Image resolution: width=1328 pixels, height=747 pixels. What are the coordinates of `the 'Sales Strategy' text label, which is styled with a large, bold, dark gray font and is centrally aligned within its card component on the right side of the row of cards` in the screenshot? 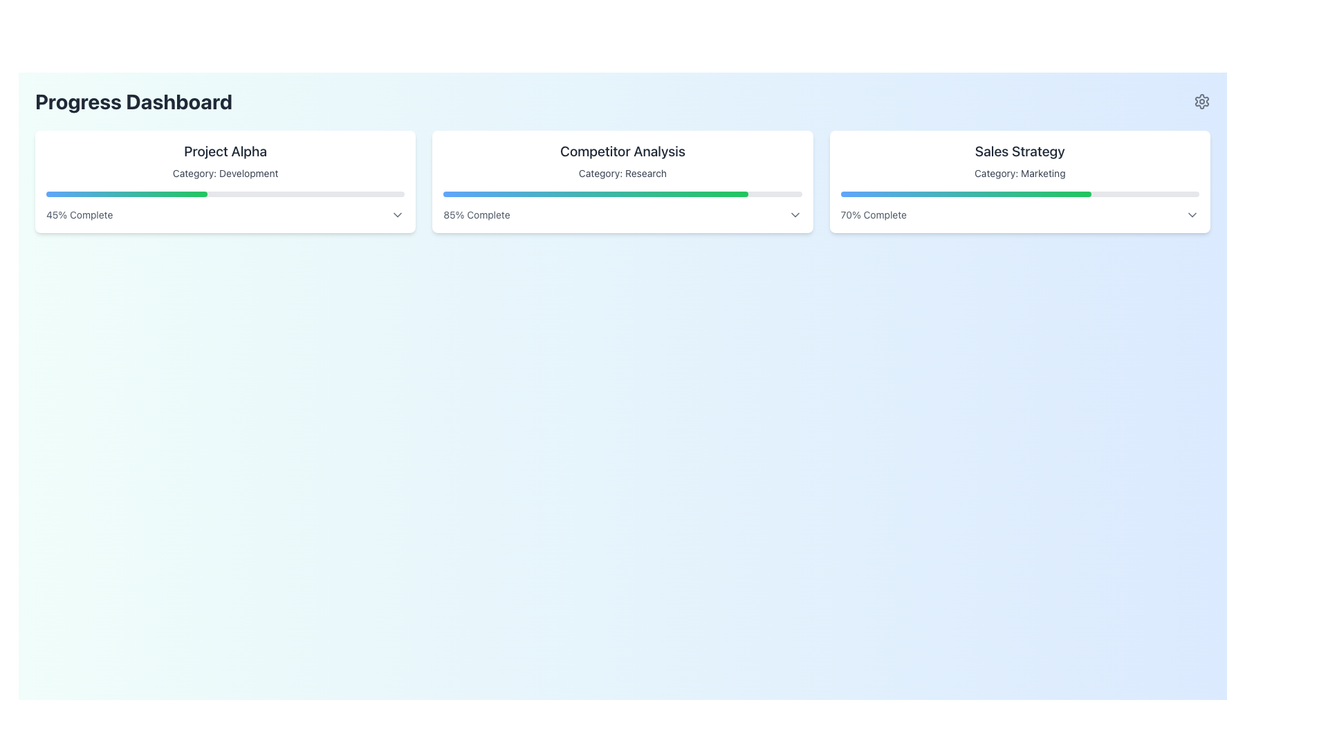 It's located at (1020, 151).